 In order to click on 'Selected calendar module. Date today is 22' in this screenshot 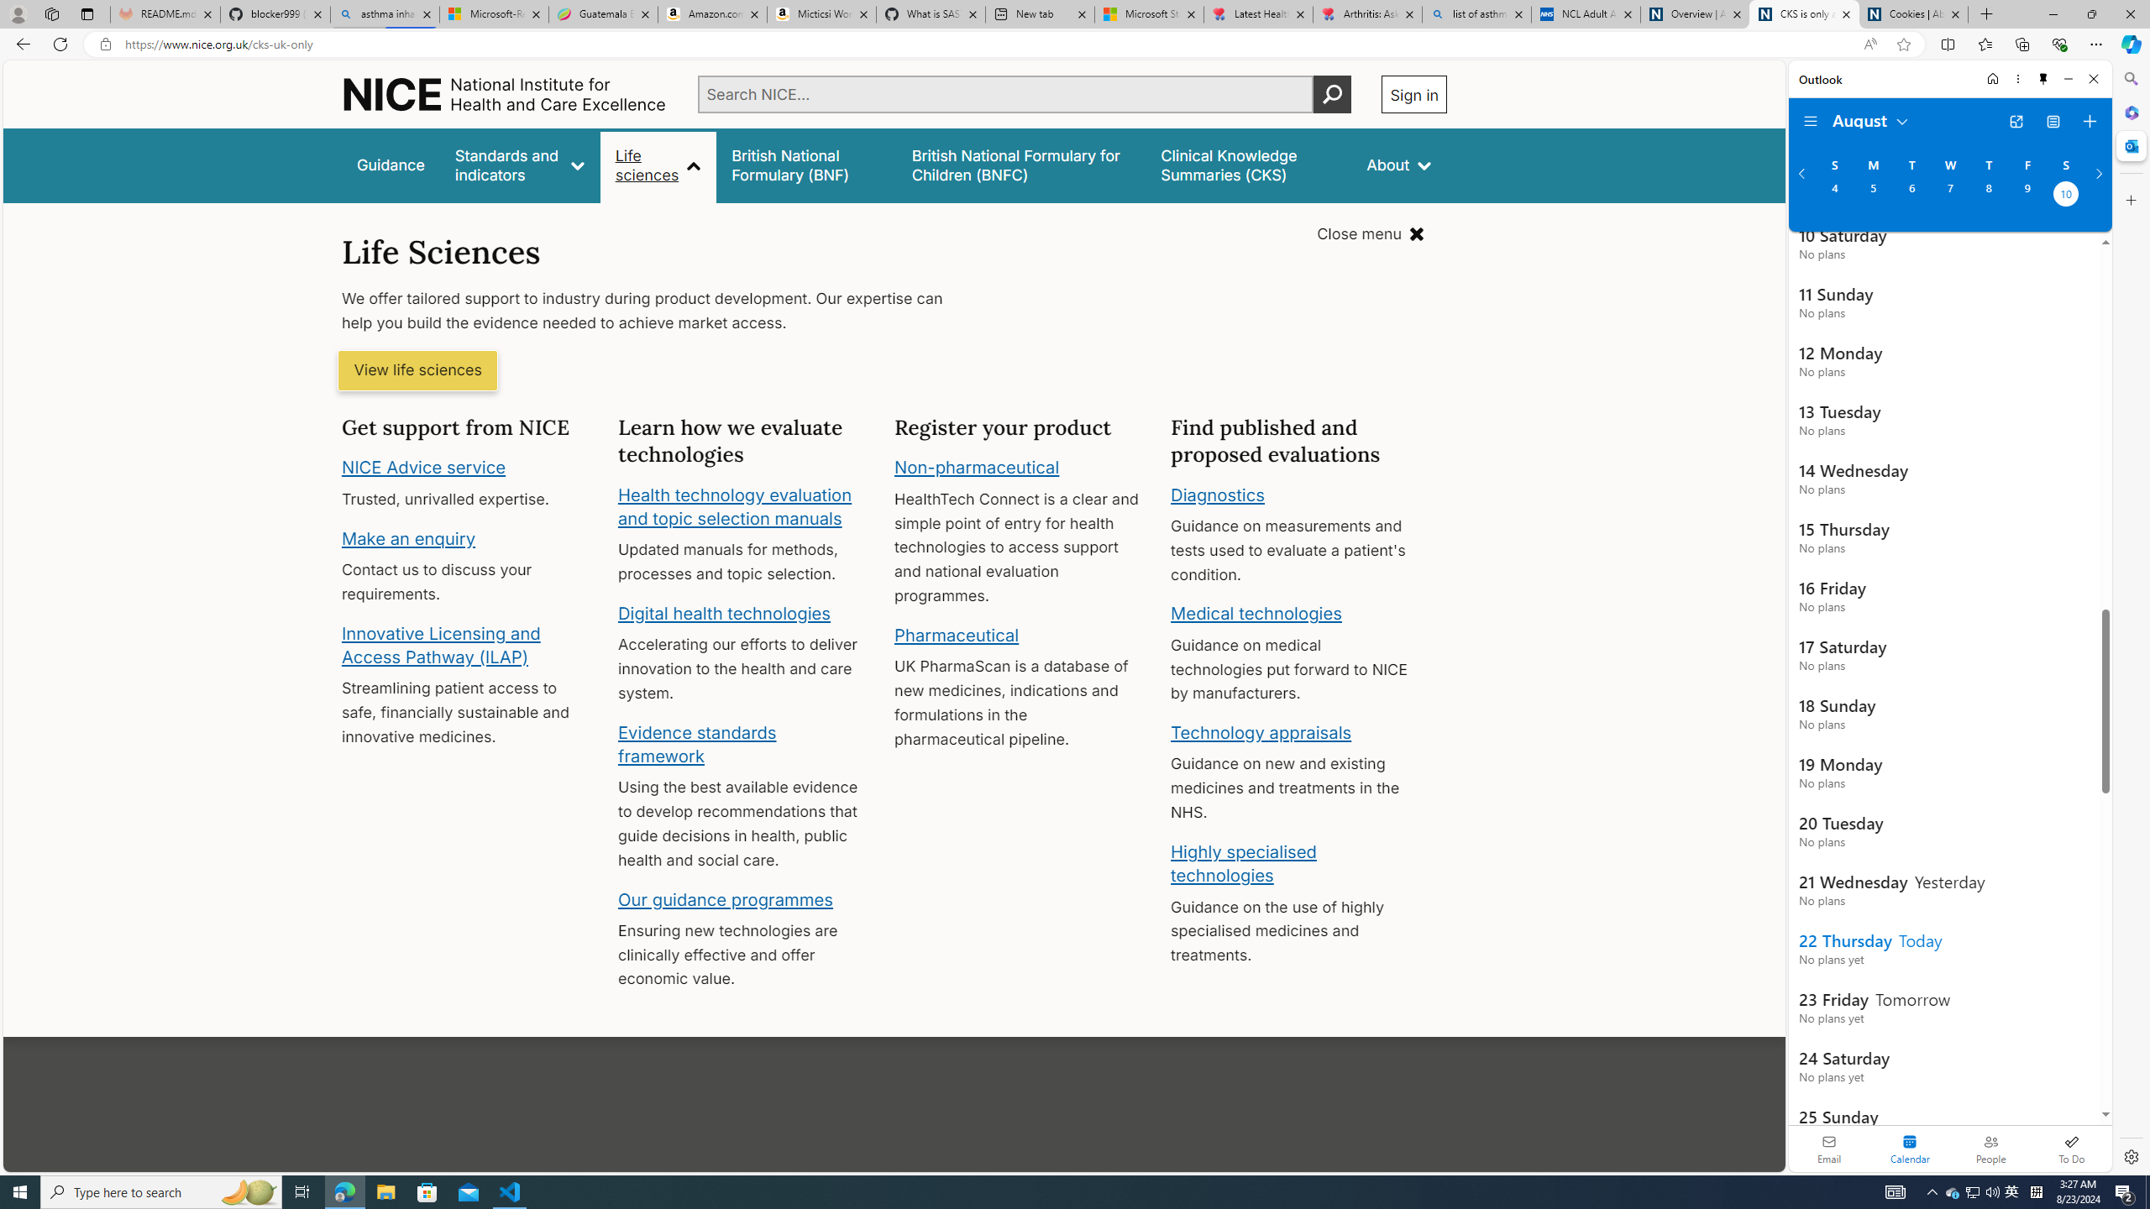, I will do `click(1910, 1148)`.